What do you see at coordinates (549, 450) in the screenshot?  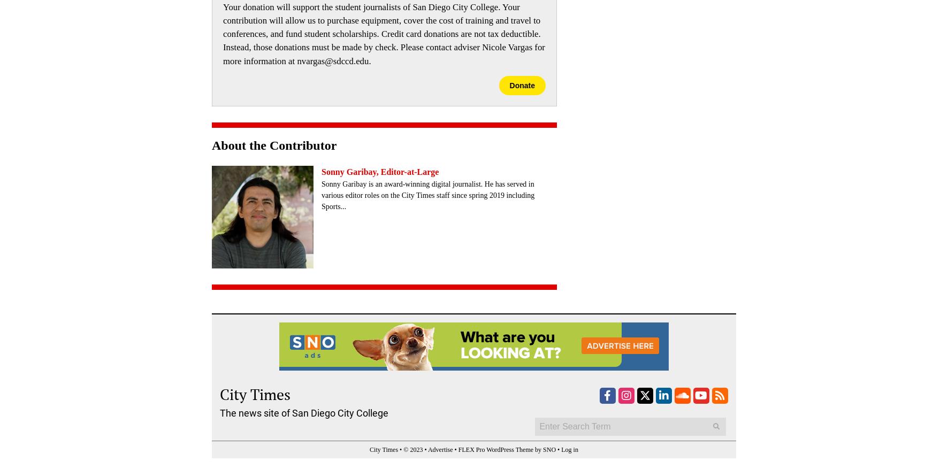 I see `'SNO'` at bounding box center [549, 450].